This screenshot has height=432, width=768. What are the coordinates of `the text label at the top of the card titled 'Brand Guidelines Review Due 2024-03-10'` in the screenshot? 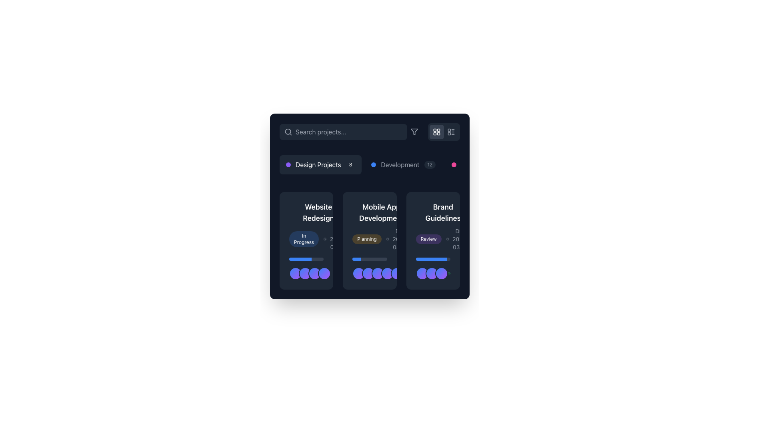 It's located at (442, 212).